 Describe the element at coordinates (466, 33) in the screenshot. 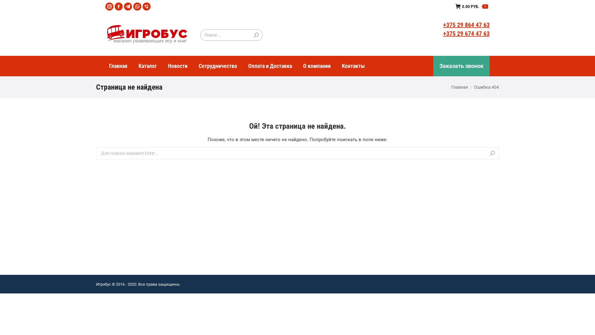

I see `'+375 29 674 47 63'` at that location.